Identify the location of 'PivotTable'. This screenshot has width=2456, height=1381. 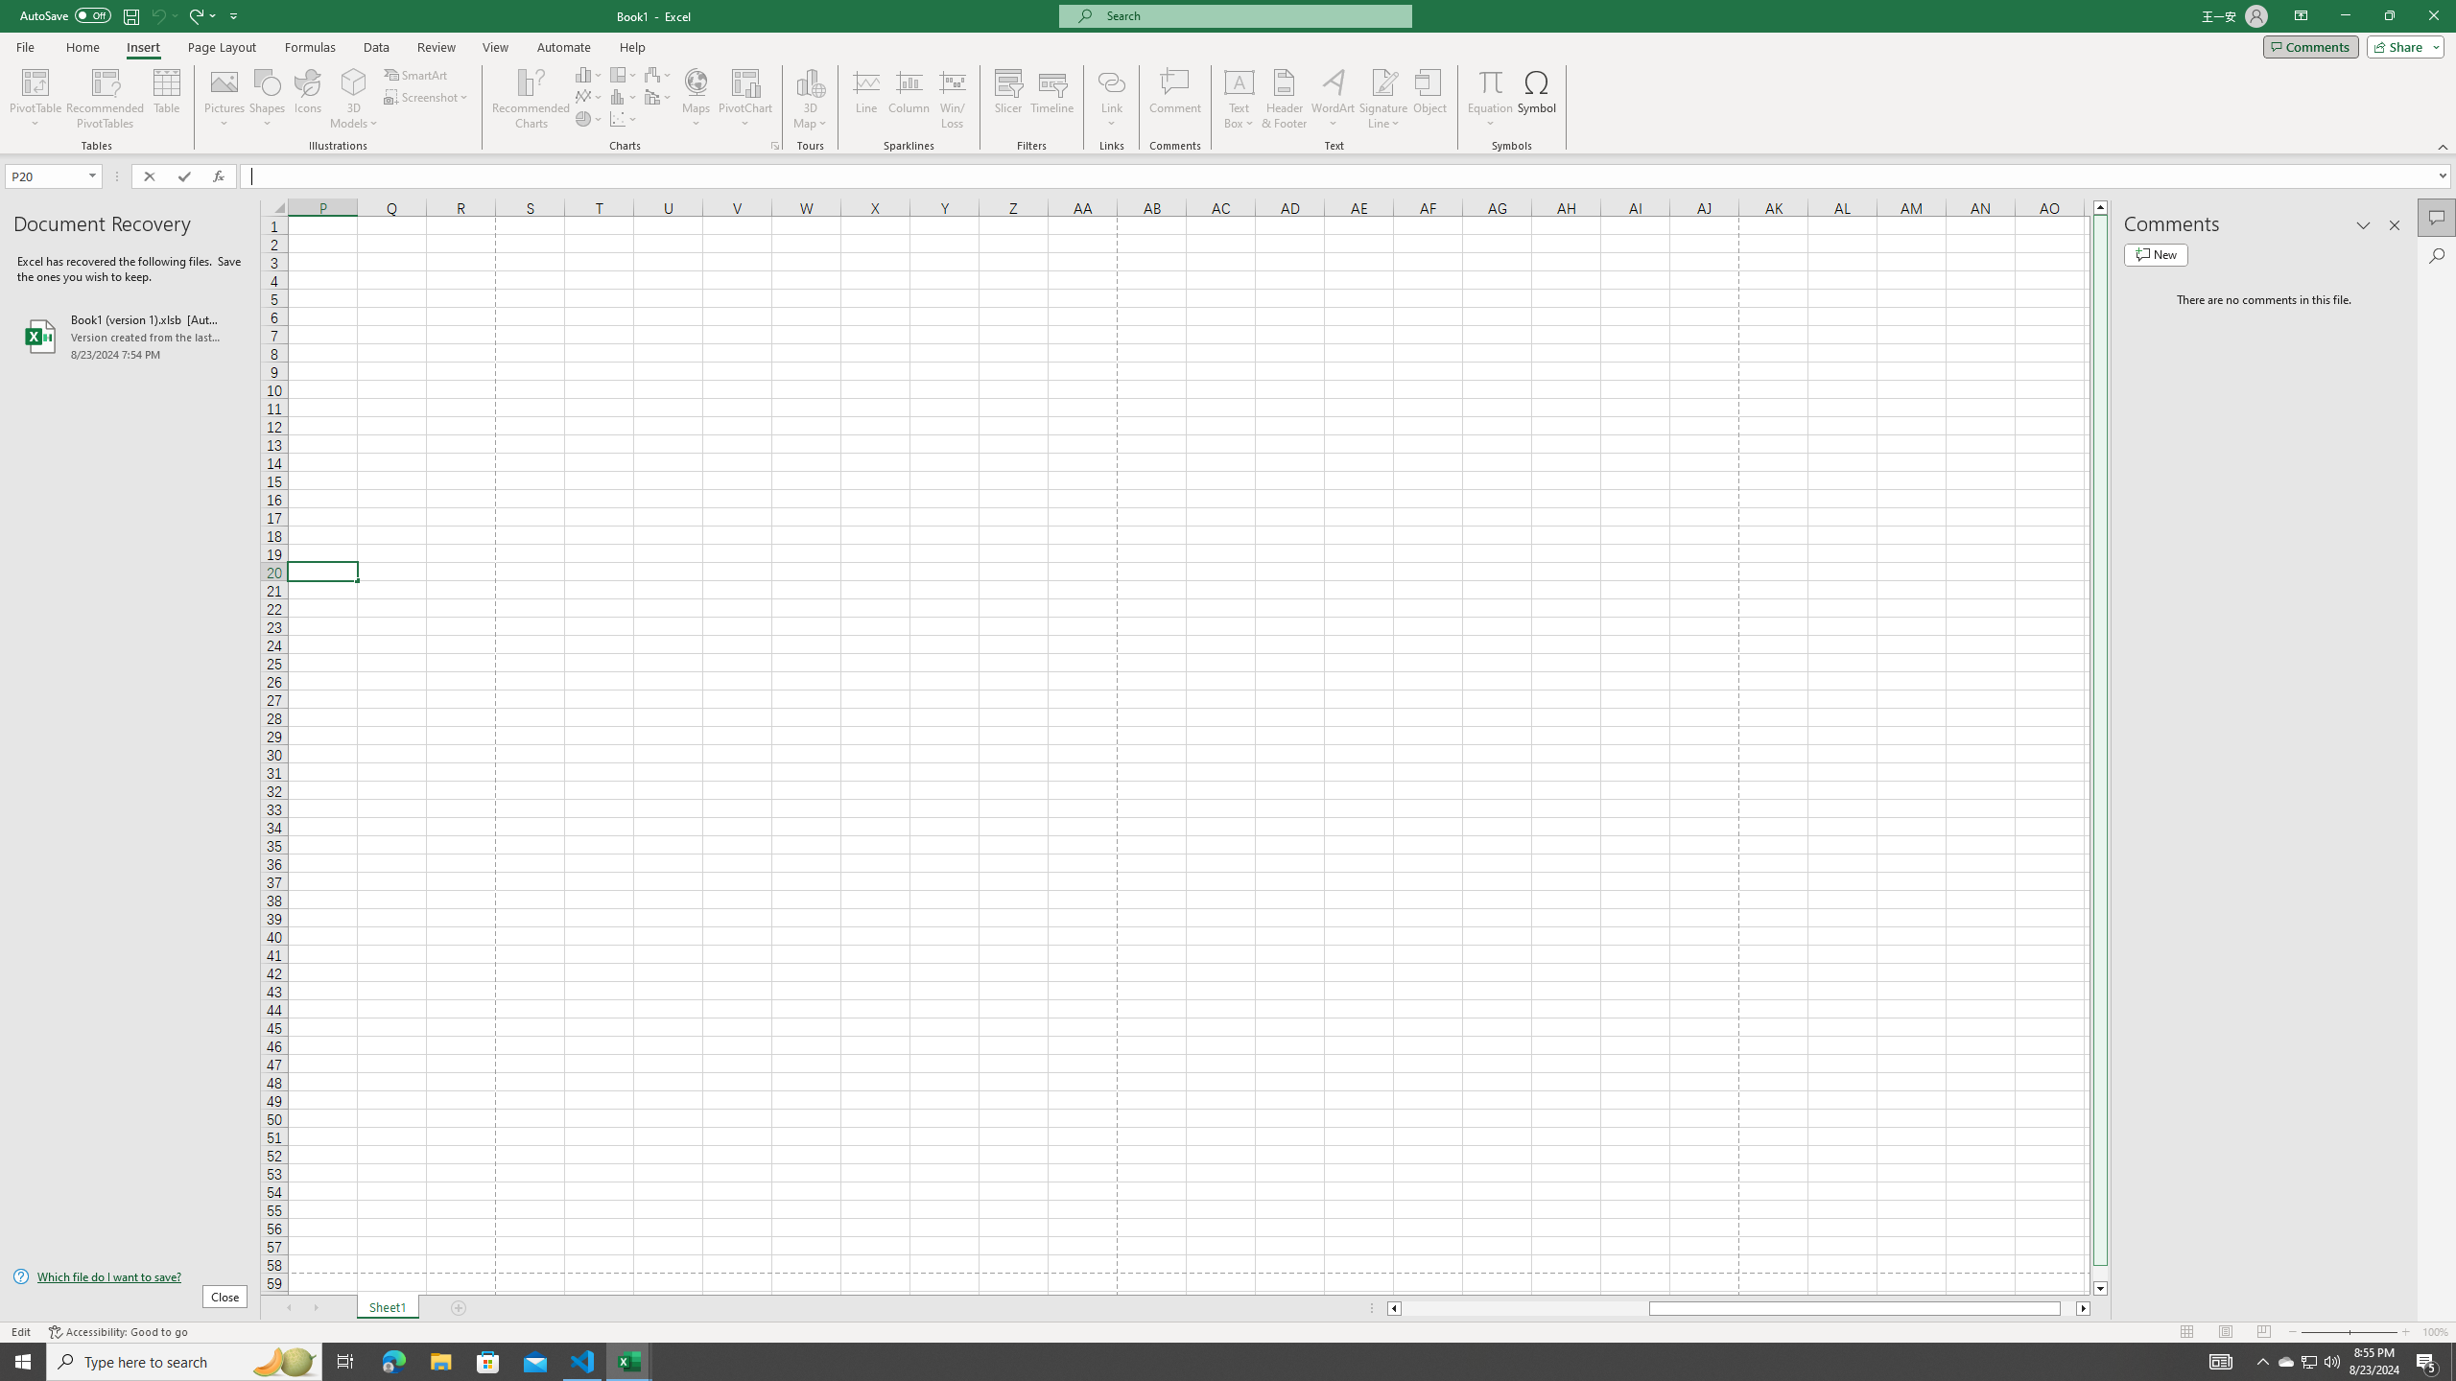
(35, 99).